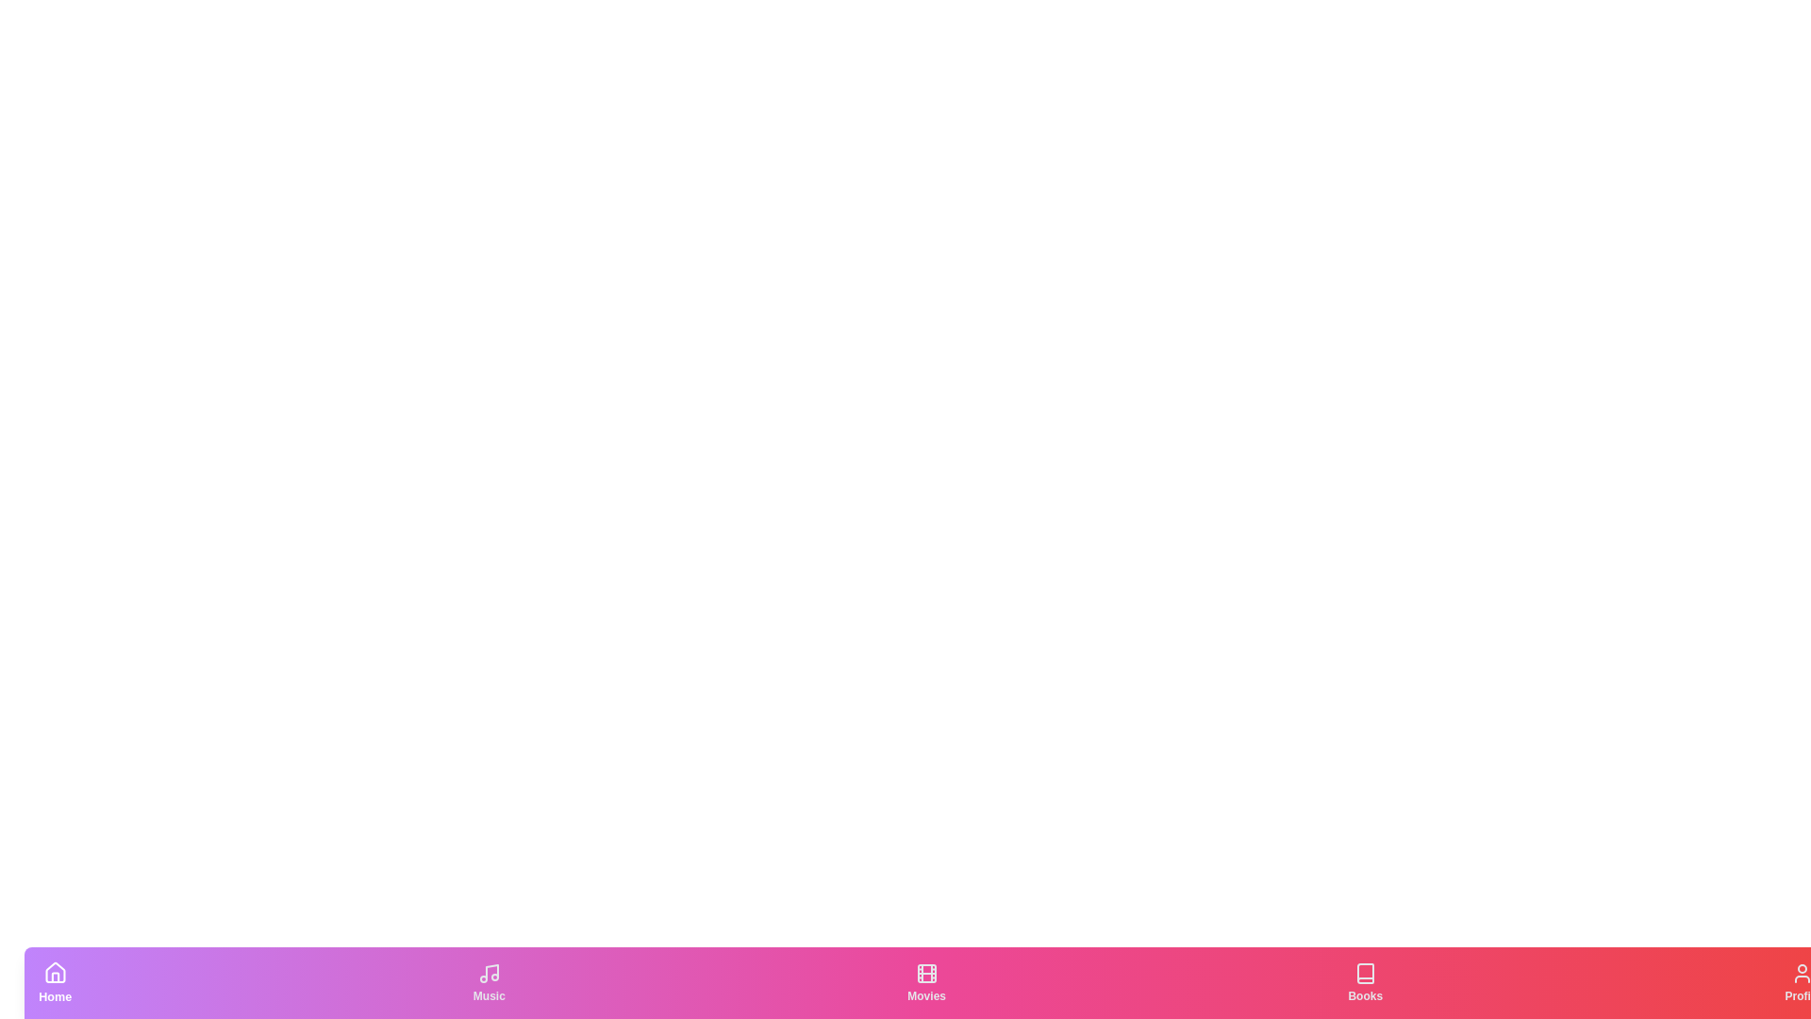 The width and height of the screenshot is (1811, 1019). Describe the element at coordinates (54, 981) in the screenshot. I see `the Home tab` at that location.